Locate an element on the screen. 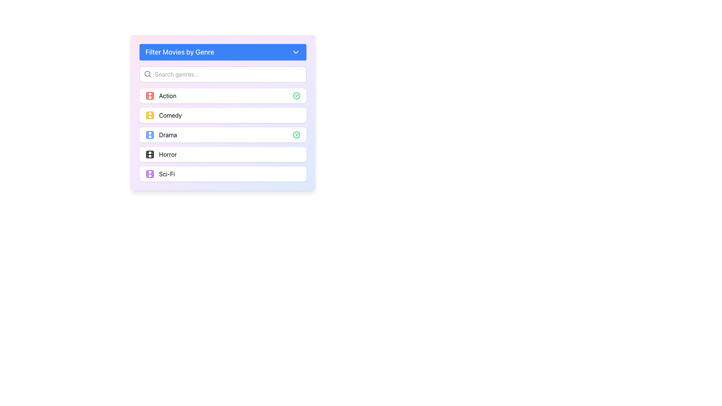  the filmstrip icon with a purple border located to the left of the 'Sci-Fi' text is located at coordinates (150, 174).